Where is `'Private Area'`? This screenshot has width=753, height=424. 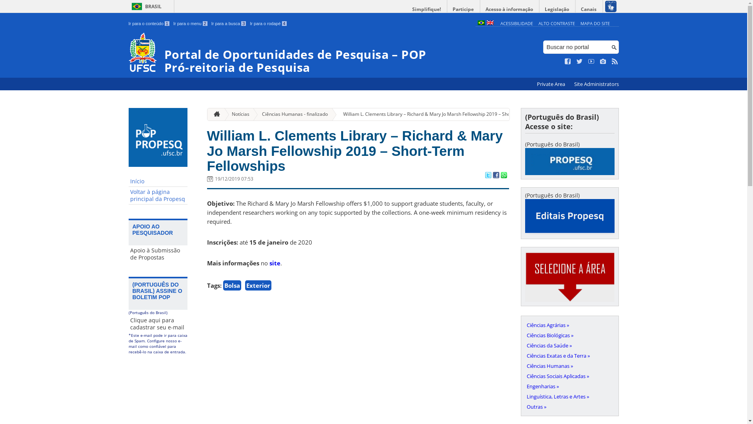 'Private Area' is located at coordinates (551, 84).